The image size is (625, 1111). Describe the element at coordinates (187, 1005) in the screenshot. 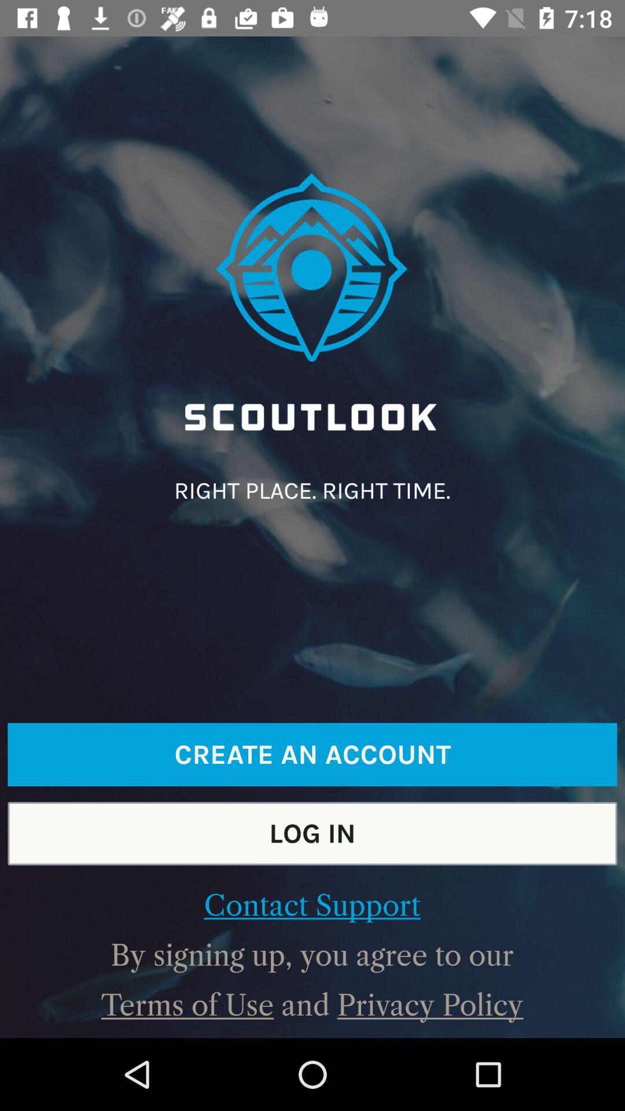

I see `icon next to  and  item` at that location.